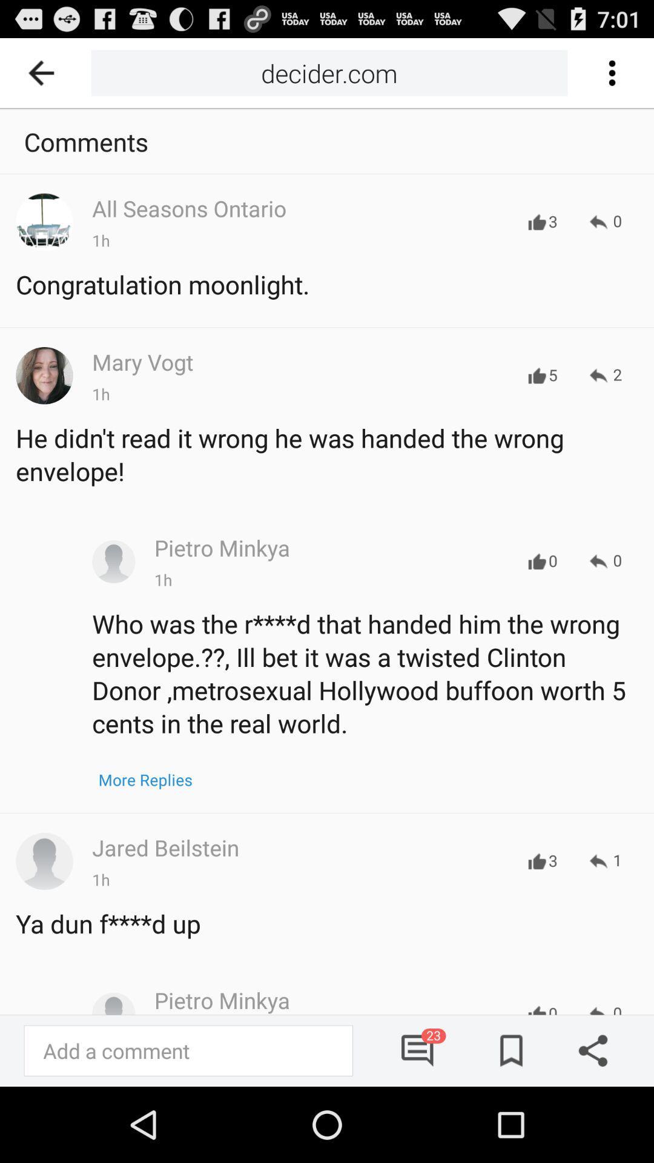  I want to click on selective button, so click(611, 72).